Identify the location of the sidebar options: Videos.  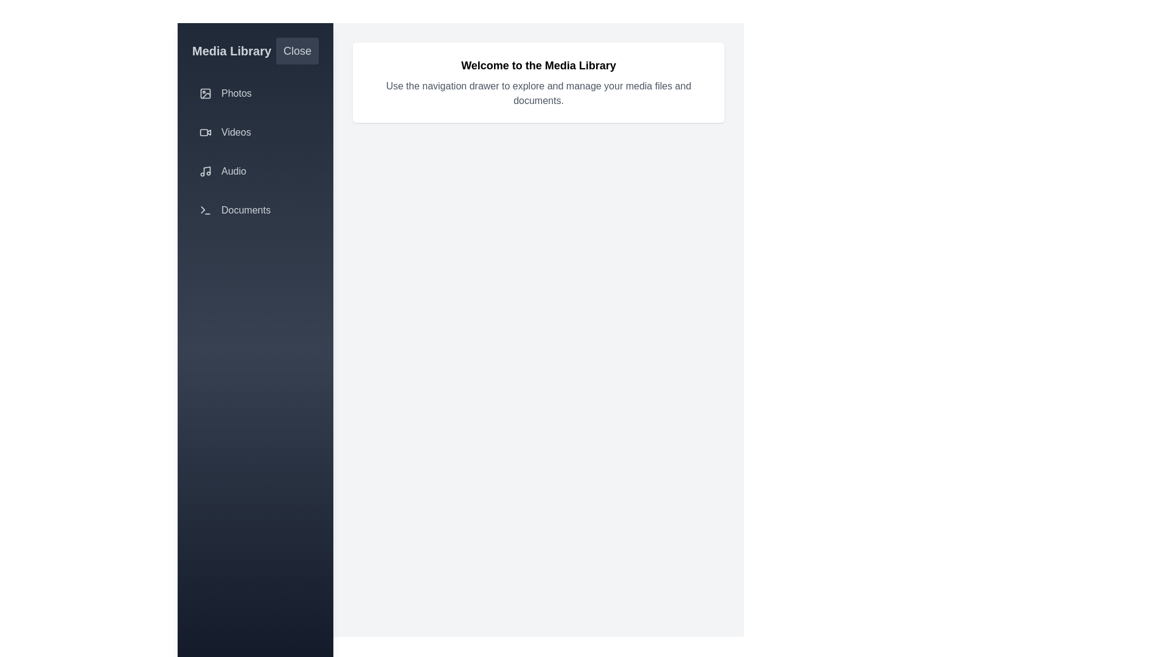
(255, 133).